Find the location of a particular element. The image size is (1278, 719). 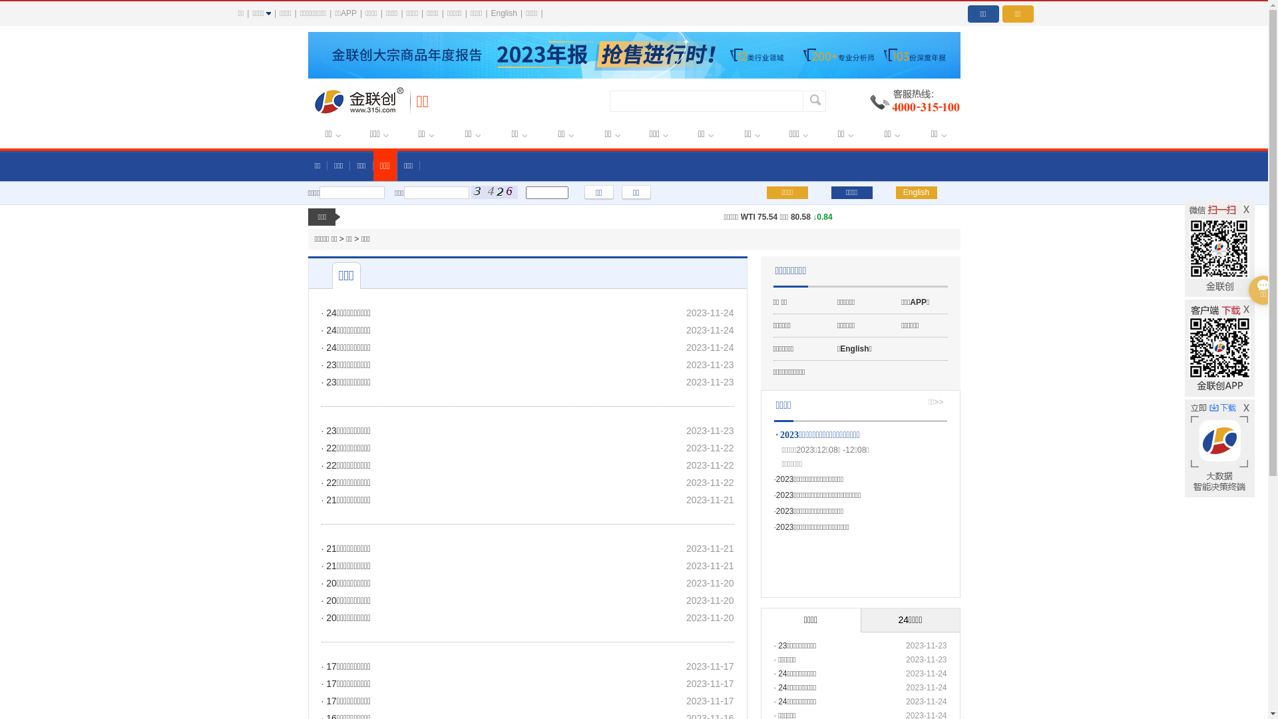

'English' is located at coordinates (916, 192).